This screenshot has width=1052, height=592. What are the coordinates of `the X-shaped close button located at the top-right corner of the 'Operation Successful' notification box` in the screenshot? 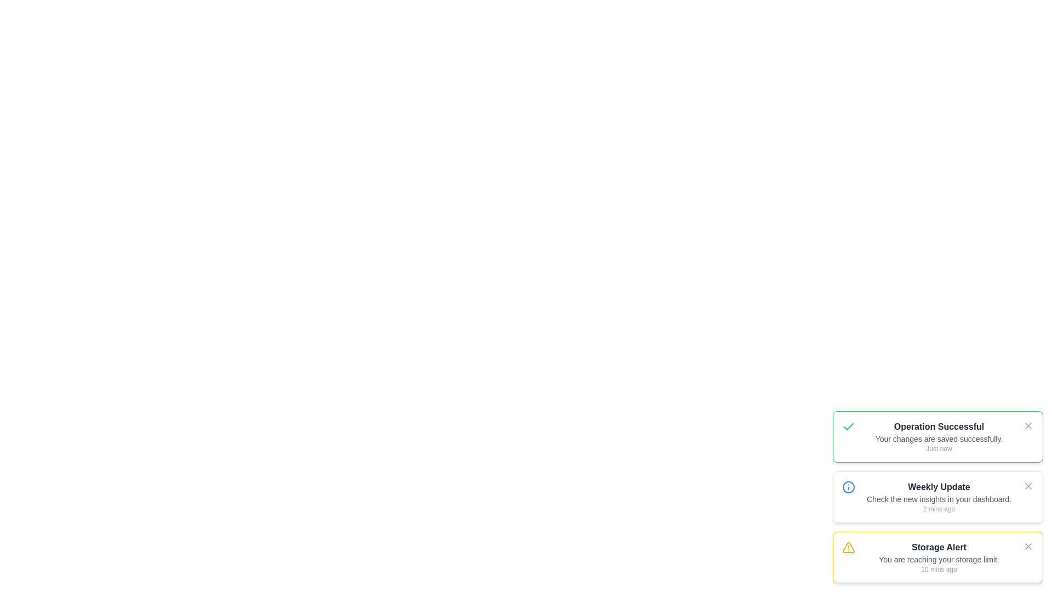 It's located at (1027, 425).